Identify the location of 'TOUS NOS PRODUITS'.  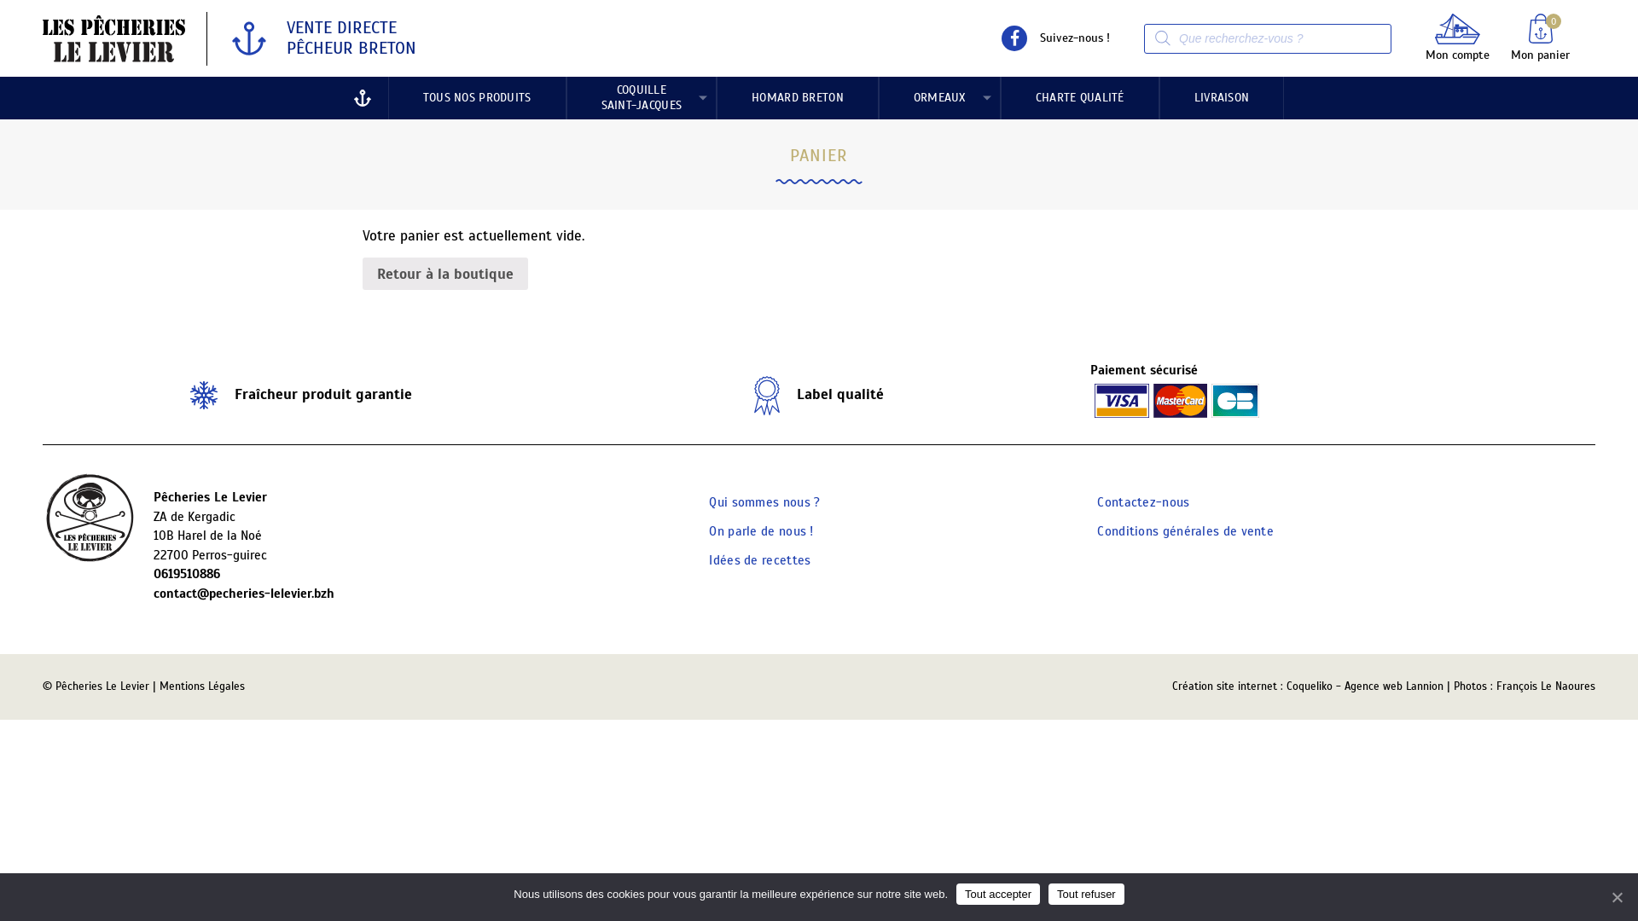
(388, 98).